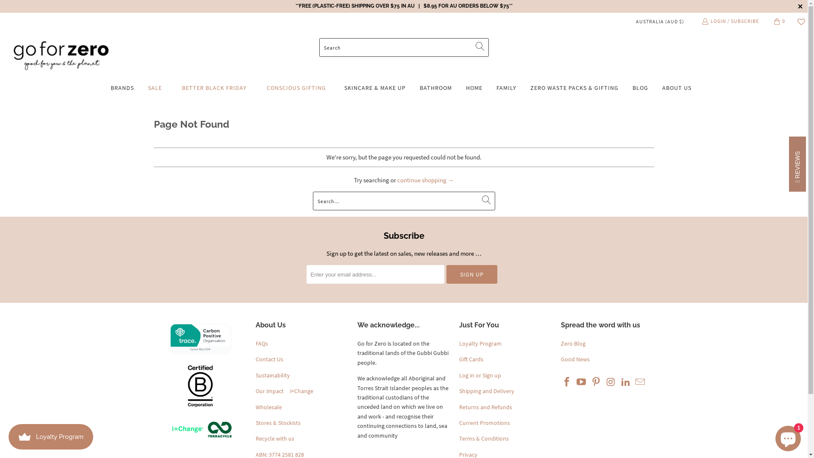  I want to click on 'Wholesale', so click(268, 407).